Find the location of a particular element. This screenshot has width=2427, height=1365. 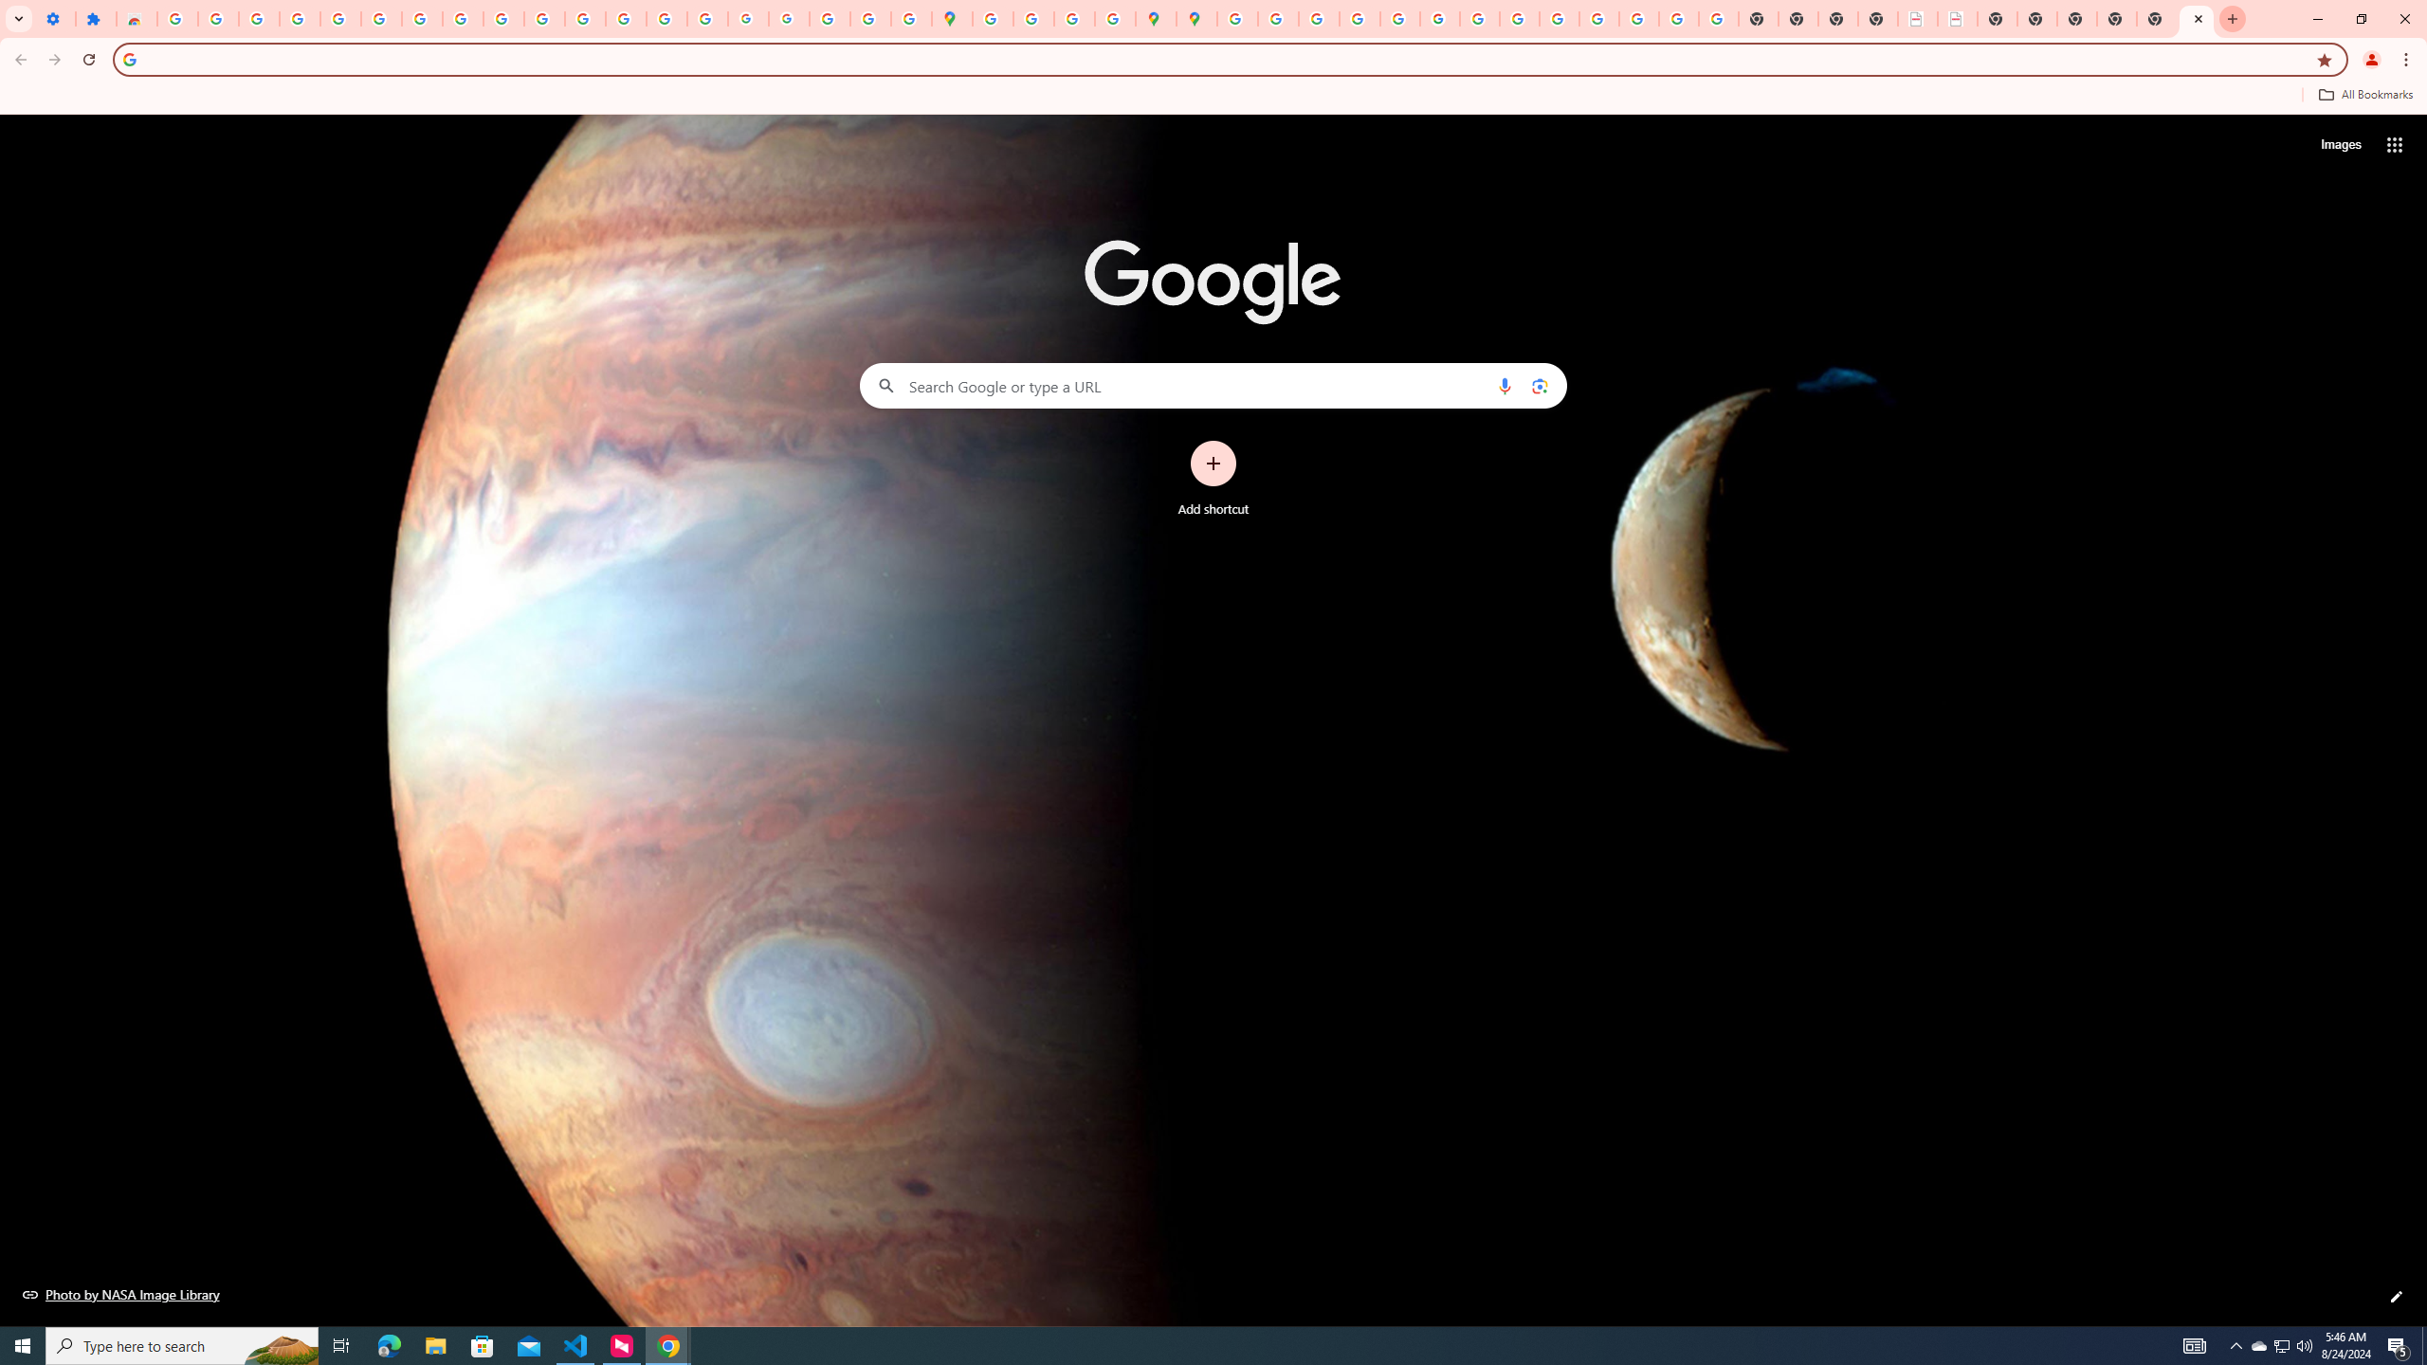

'Google Account' is located at coordinates (463, 18).